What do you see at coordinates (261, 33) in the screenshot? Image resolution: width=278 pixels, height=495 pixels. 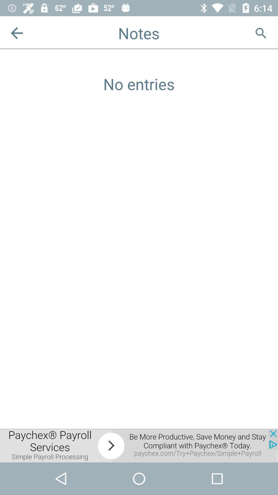 I see `search option` at bounding box center [261, 33].